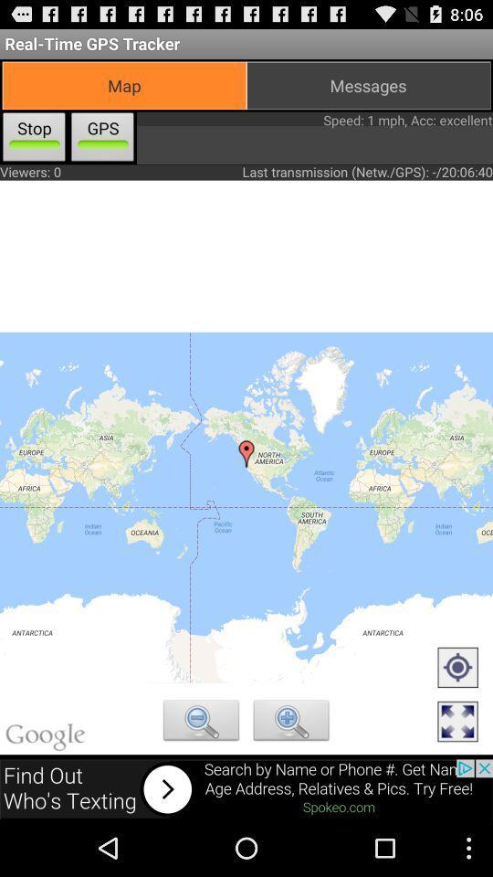  Describe the element at coordinates (456, 723) in the screenshot. I see `full screen` at that location.